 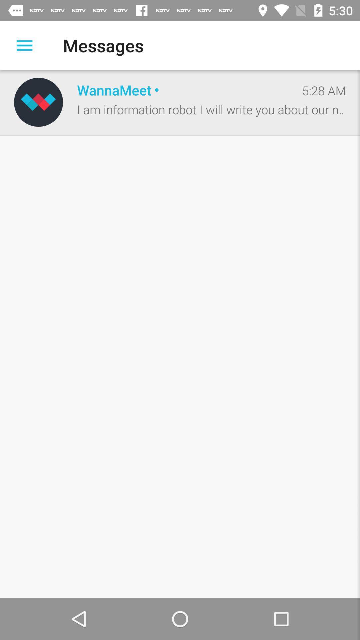 What do you see at coordinates (38, 102) in the screenshot?
I see `item next to wannameet   item` at bounding box center [38, 102].